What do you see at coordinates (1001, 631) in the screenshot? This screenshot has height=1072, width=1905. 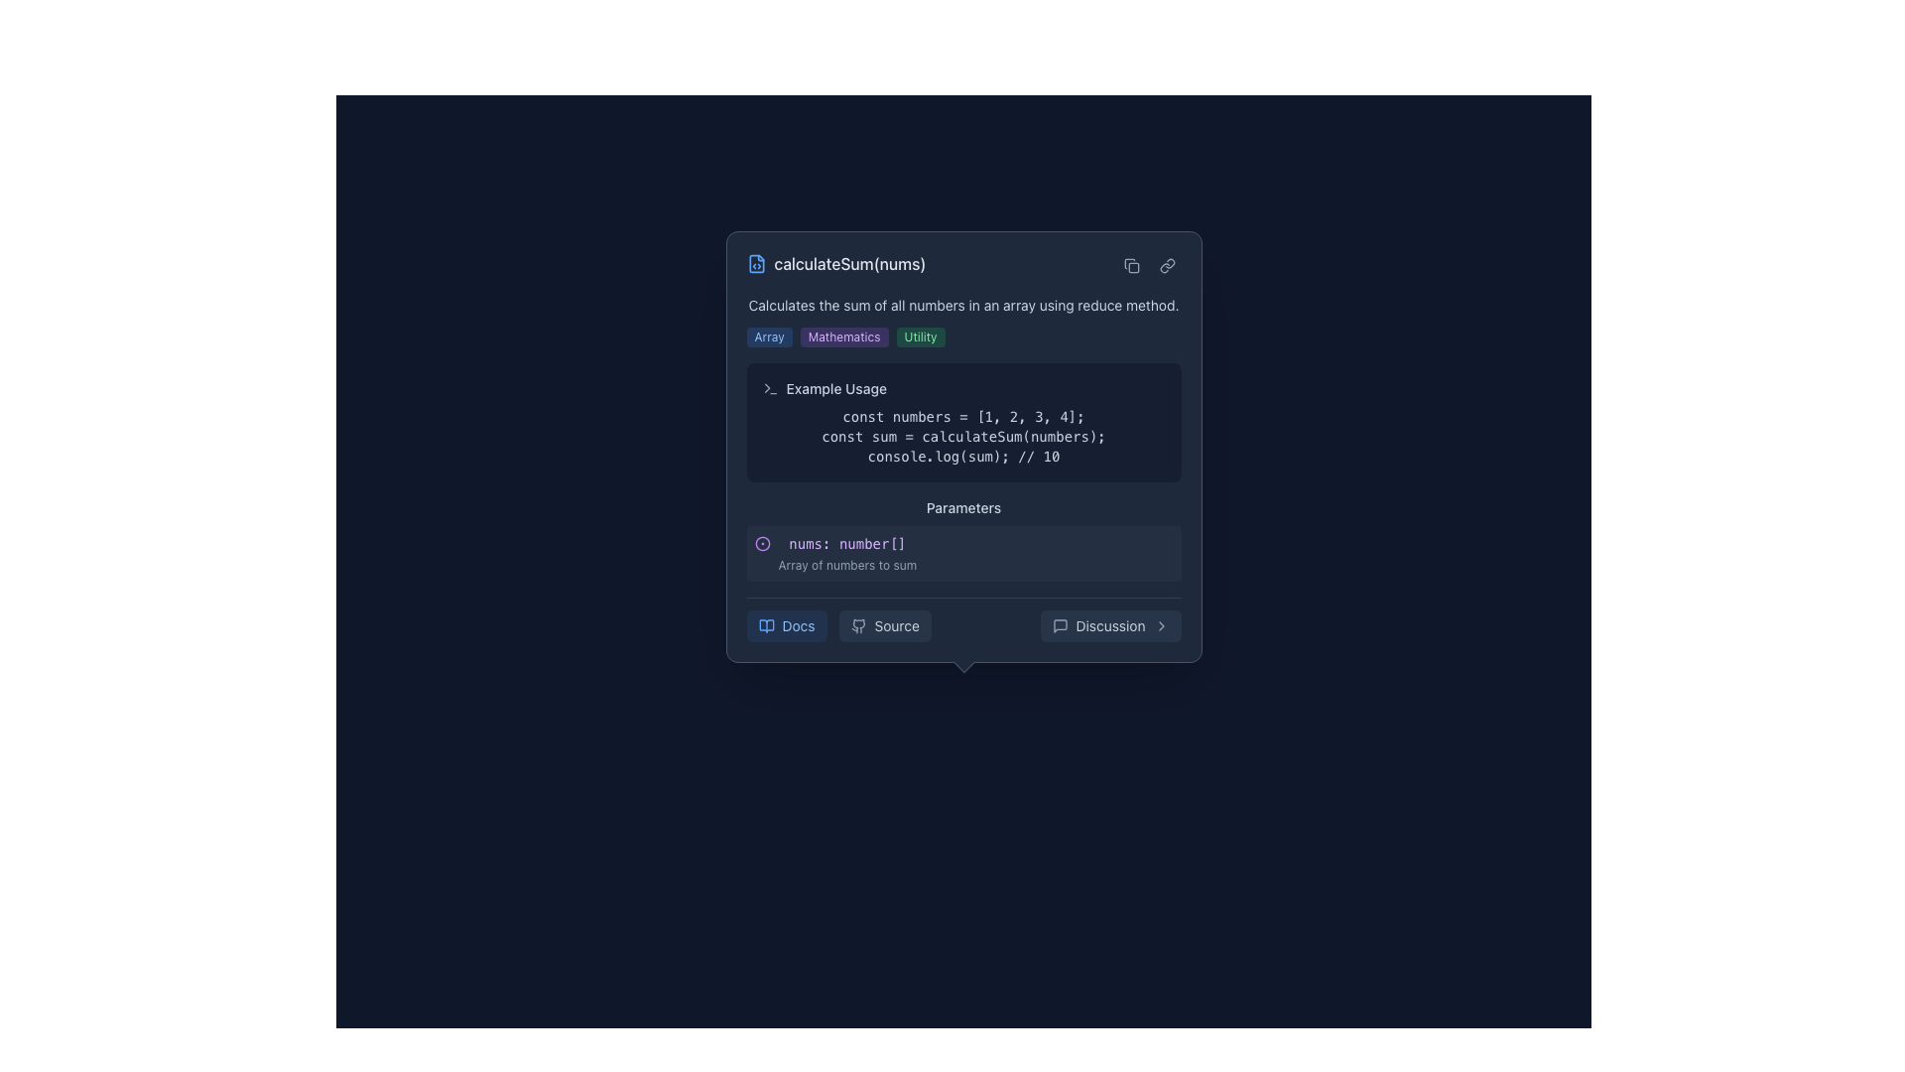 I see `the content of the text label displaying 'nums: number[]' in purple color, which is the fourth segment within the syntax-highlighted function definition block` at bounding box center [1001, 631].